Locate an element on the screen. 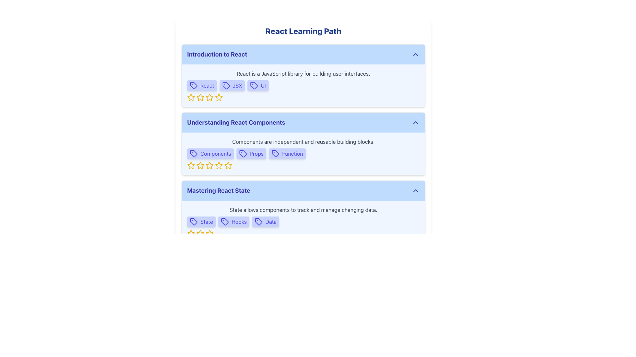 The width and height of the screenshot is (636, 357). the second button-like tag or label that categorizes or describes 'Props' in the 'Understanding React Components' section to interact with it is located at coordinates (251, 154).